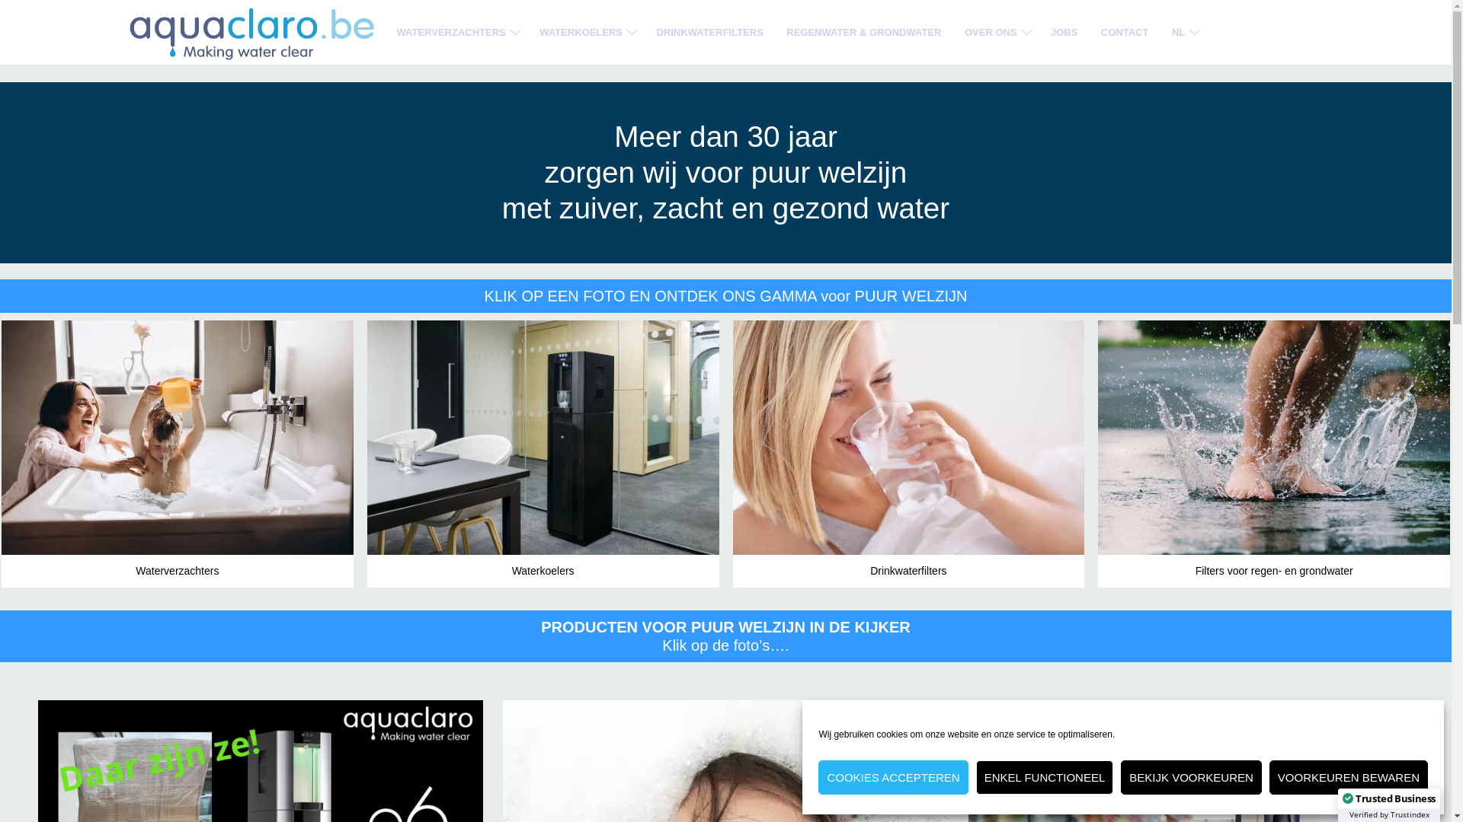  I want to click on 'REGENWATER & GRONDWATER', so click(863, 32).